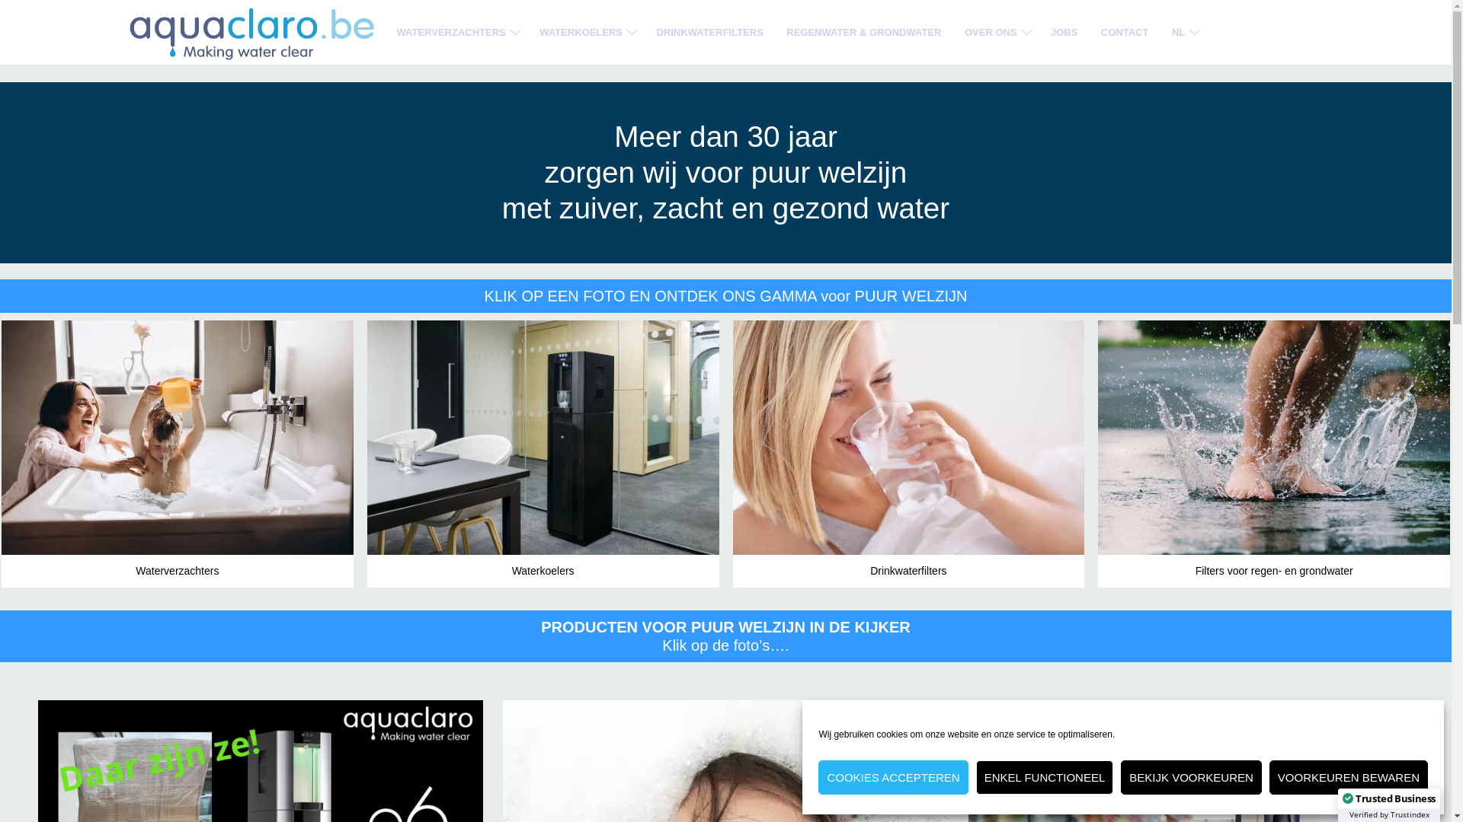  I want to click on 'REGENWATER & GRONDWATER', so click(863, 32).